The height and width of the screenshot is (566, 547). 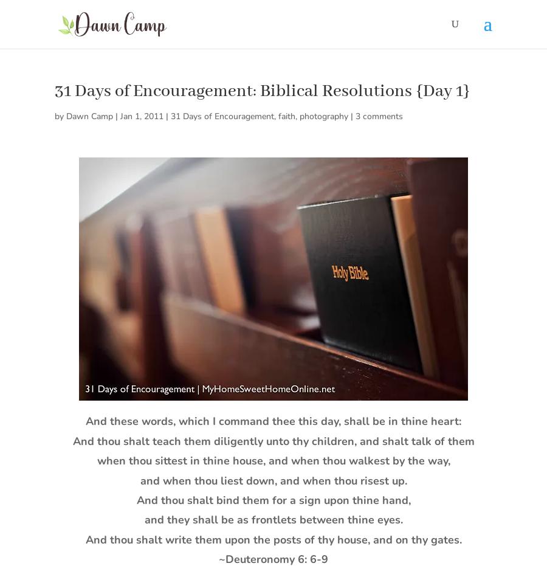 What do you see at coordinates (273, 480) in the screenshot?
I see `'and when thou liest down, and when thou risest up.'` at bounding box center [273, 480].